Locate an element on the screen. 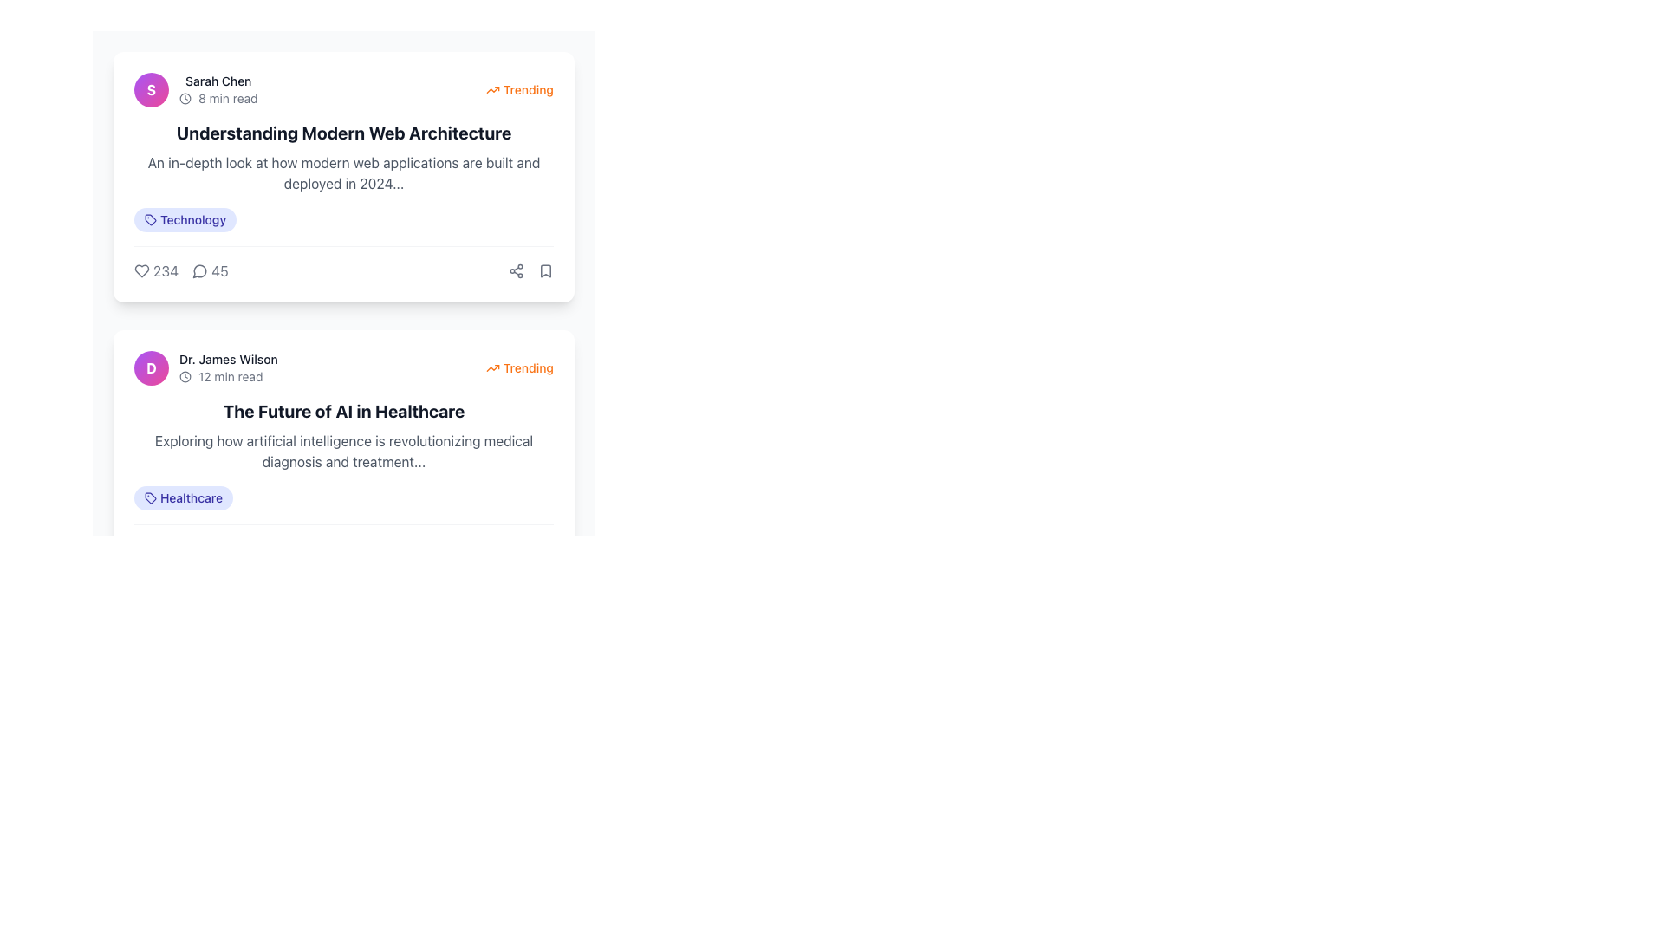 This screenshot has width=1664, height=936. the 'Technology' label tag, which is a rounded rectangular tag with a light indigo background and dark indigo text, located in the first content card under 'Understanding Modern Web Architecture' is located at coordinates (185, 219).